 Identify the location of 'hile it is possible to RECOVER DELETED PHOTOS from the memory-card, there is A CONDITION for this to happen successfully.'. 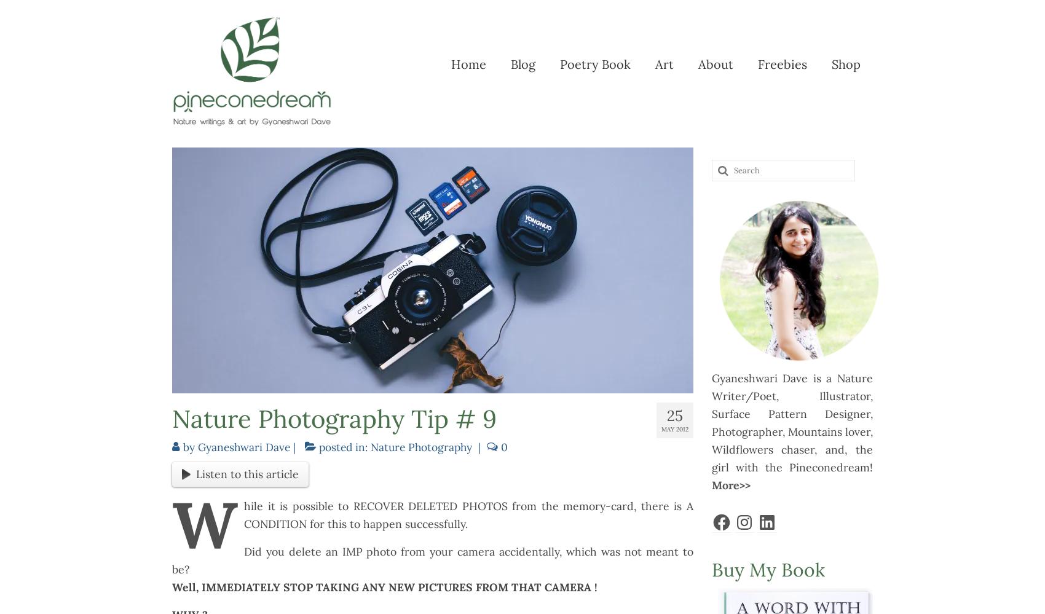
(467, 514).